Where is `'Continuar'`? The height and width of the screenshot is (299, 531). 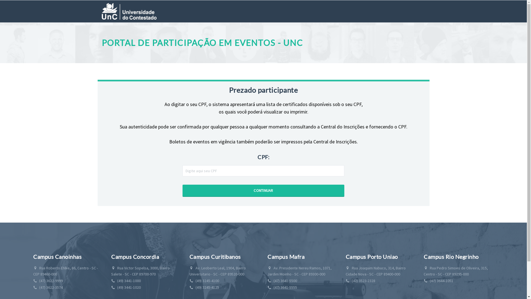
'Continuar' is located at coordinates (263, 190).